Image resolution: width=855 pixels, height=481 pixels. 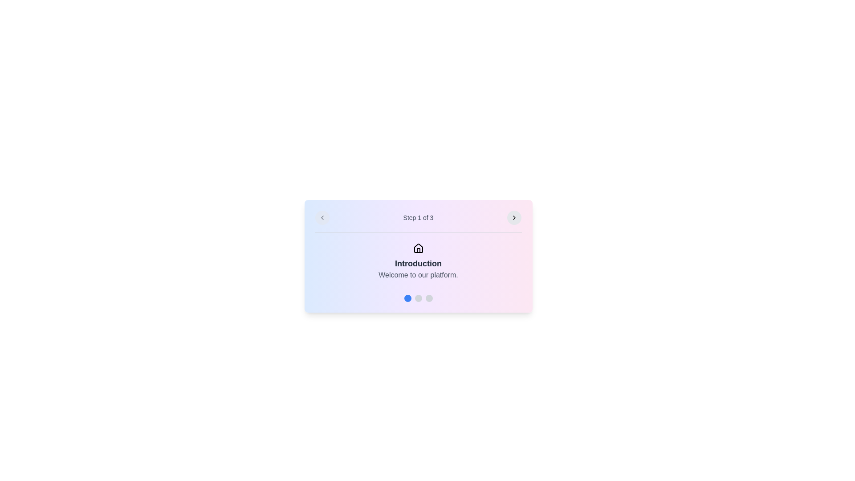 What do you see at coordinates (322, 218) in the screenshot?
I see `the button with an icon located to the left of the text 'Step 1 of 3' in the navigation bar` at bounding box center [322, 218].